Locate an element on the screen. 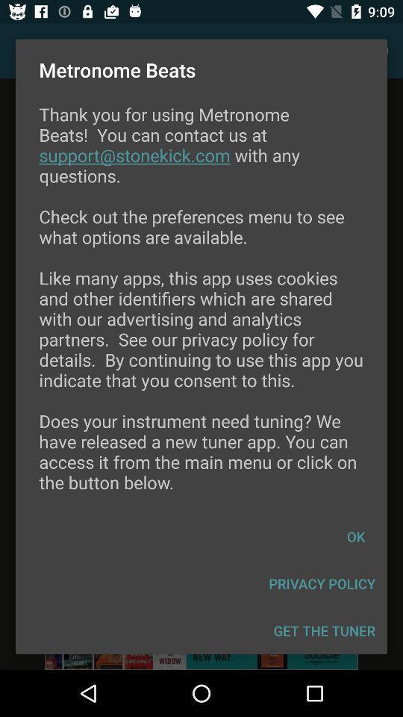 The height and width of the screenshot is (717, 403). the privacy policy is located at coordinates (321, 583).